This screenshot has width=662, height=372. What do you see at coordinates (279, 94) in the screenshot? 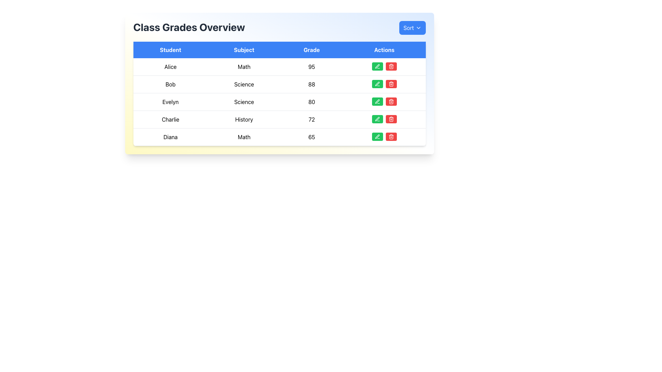
I see `the Data Table displaying student data` at bounding box center [279, 94].